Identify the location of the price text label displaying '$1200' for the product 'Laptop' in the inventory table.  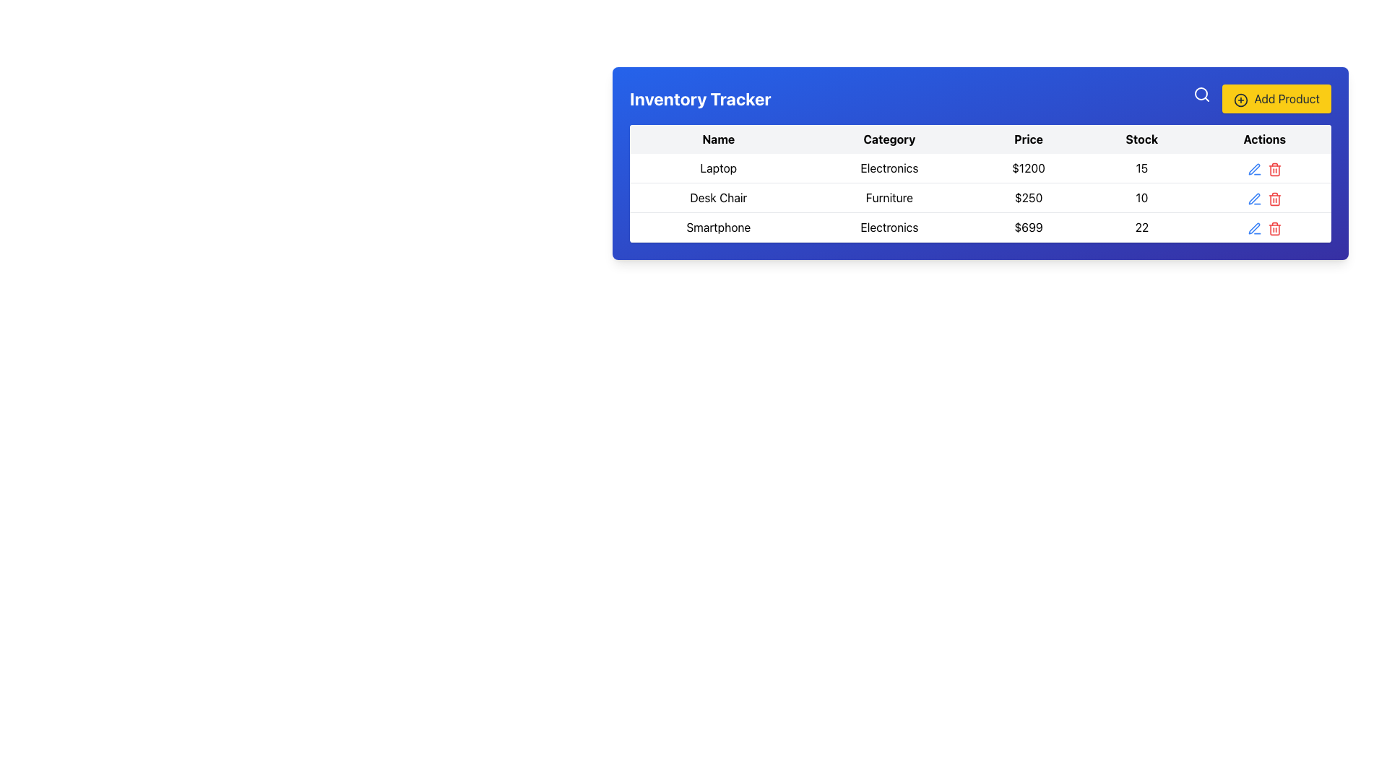
(1028, 168).